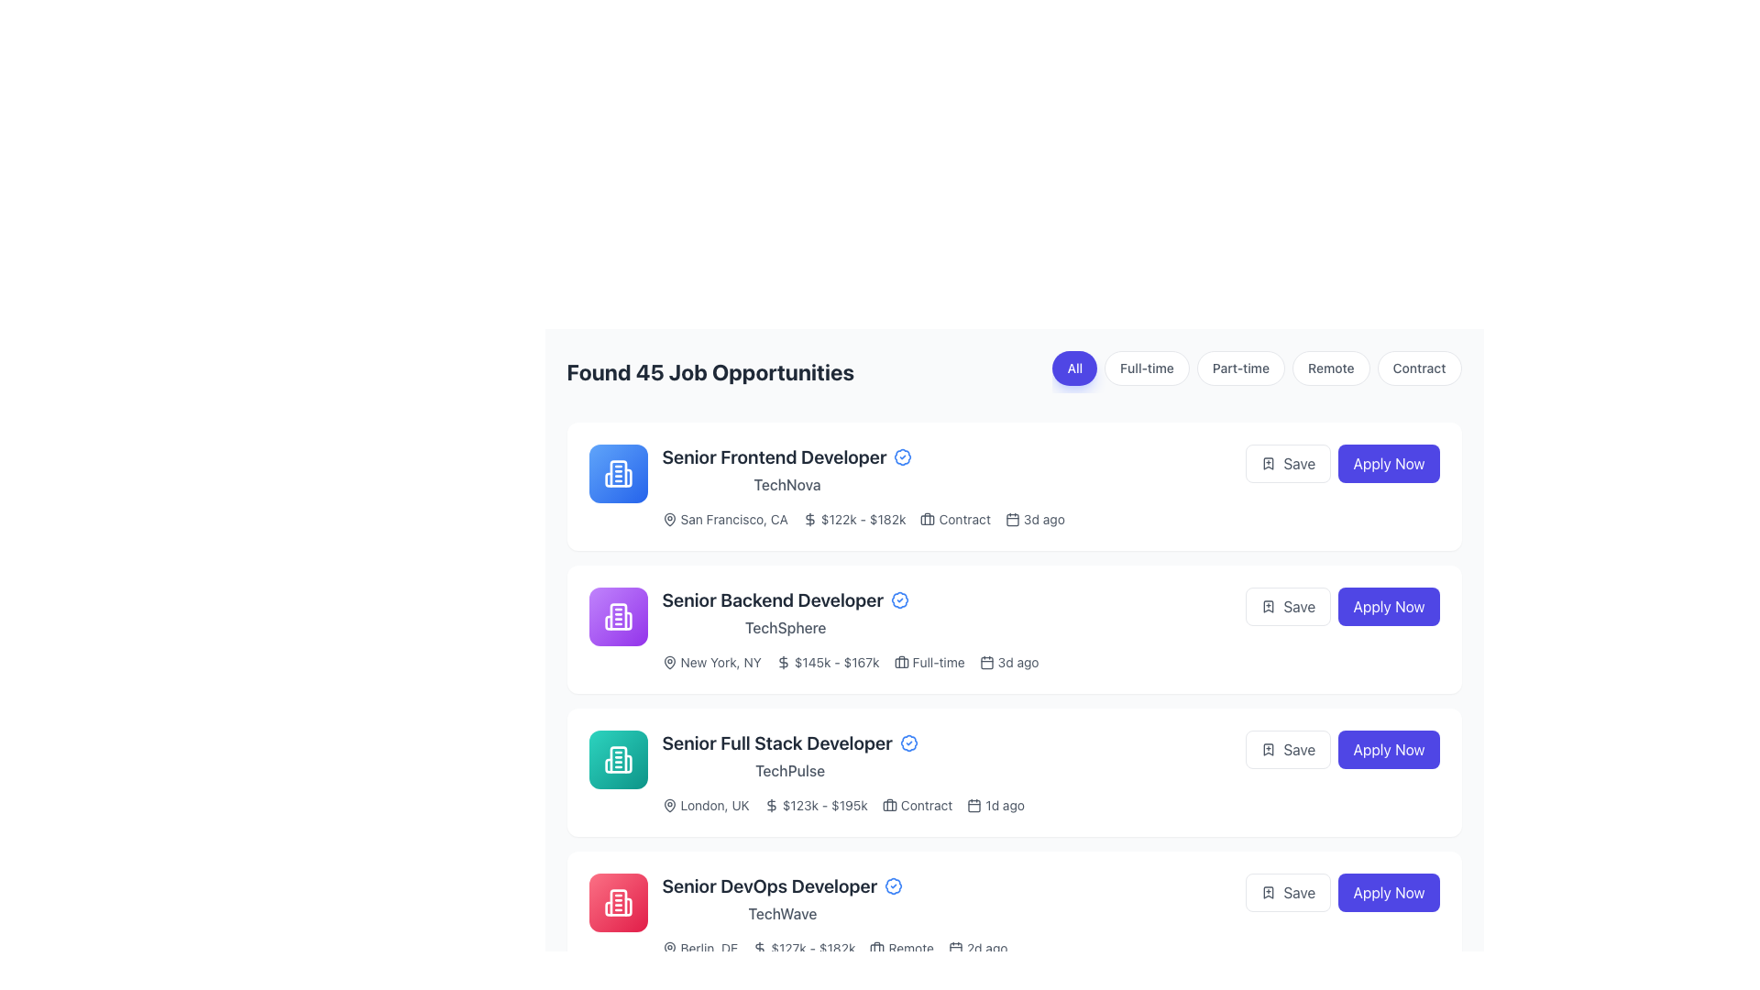 The width and height of the screenshot is (1760, 990). What do you see at coordinates (804, 948) in the screenshot?
I see `the text label displaying the numerical range '127k - 182k' with a dollar sign icon, located under the job title 'Senior DevOps Developer' at 'TechWave'` at bounding box center [804, 948].